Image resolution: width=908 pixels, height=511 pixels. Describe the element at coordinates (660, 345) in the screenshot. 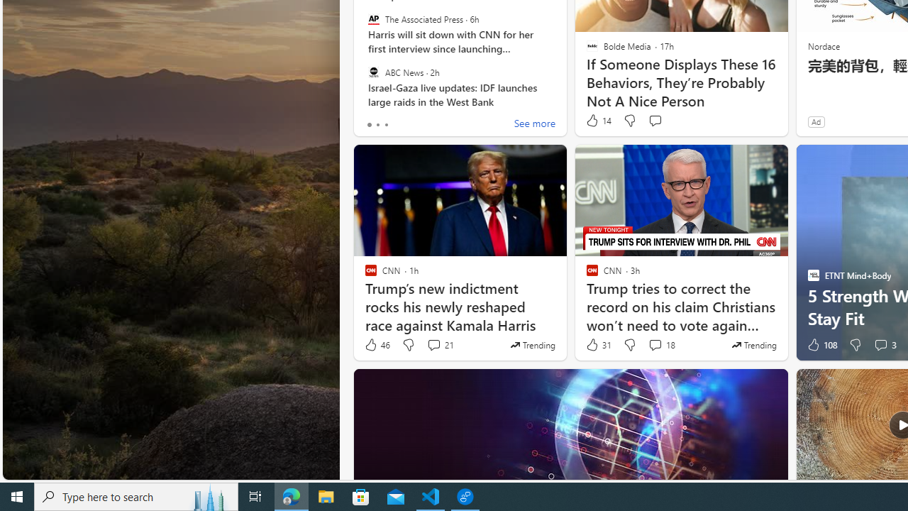

I see `'View comments 18 Comment'` at that location.